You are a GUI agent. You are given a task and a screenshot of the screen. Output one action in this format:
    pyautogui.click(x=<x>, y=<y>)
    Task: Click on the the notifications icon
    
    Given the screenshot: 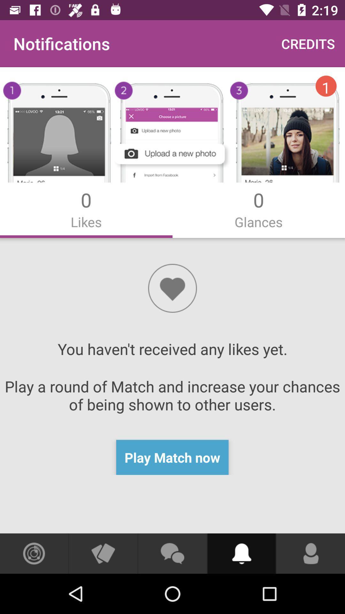 What is the action you would take?
    pyautogui.click(x=241, y=553)
    